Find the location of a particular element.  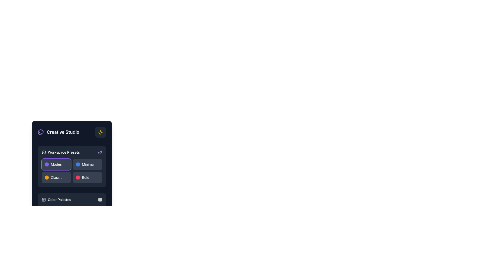

the 'Classic' button, which is a rectangular button with a dark gray background and rounded corners, displaying the word 'Classic' in bold white text, located in the bottom-left corner of the grid under the 'Workspace Presets' section is located at coordinates (56, 177).